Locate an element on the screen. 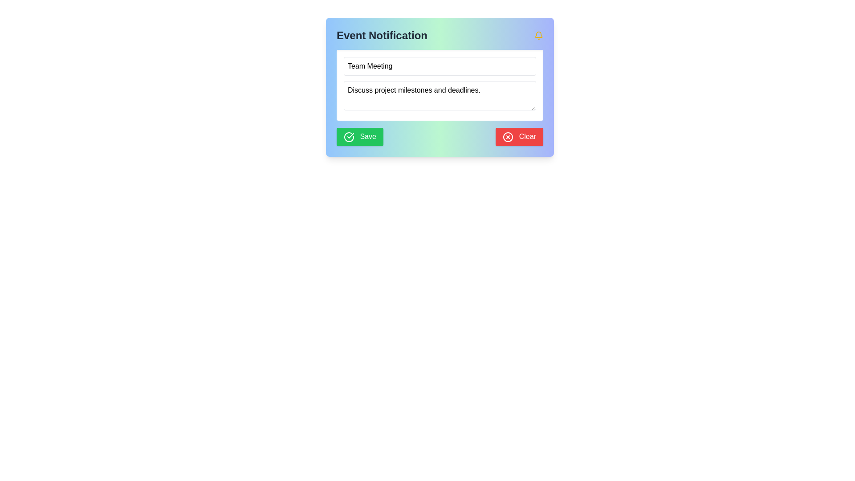 Image resolution: width=855 pixels, height=481 pixels. the multiline text input field located below the 'Team Meeting' single-line text input is located at coordinates (440, 85).